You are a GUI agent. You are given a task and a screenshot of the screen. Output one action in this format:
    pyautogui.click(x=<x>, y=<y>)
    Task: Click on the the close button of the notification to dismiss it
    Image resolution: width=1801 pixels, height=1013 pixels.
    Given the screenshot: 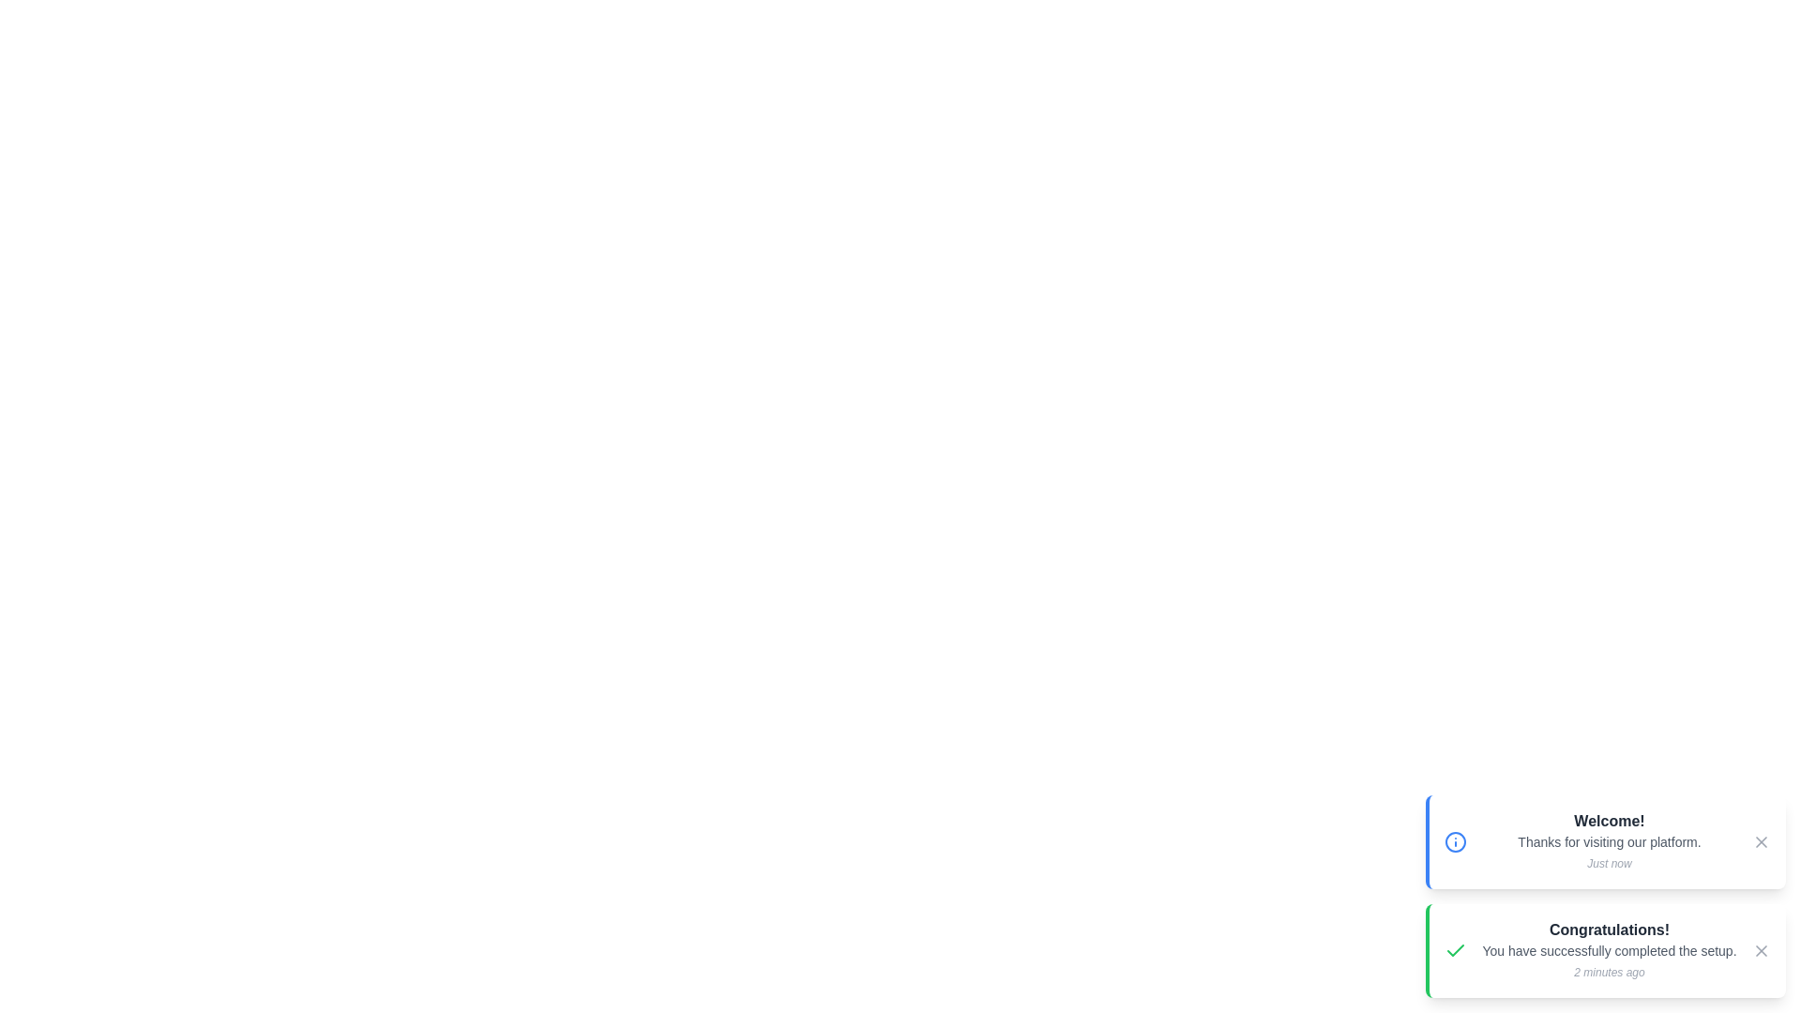 What is the action you would take?
    pyautogui.click(x=1760, y=841)
    